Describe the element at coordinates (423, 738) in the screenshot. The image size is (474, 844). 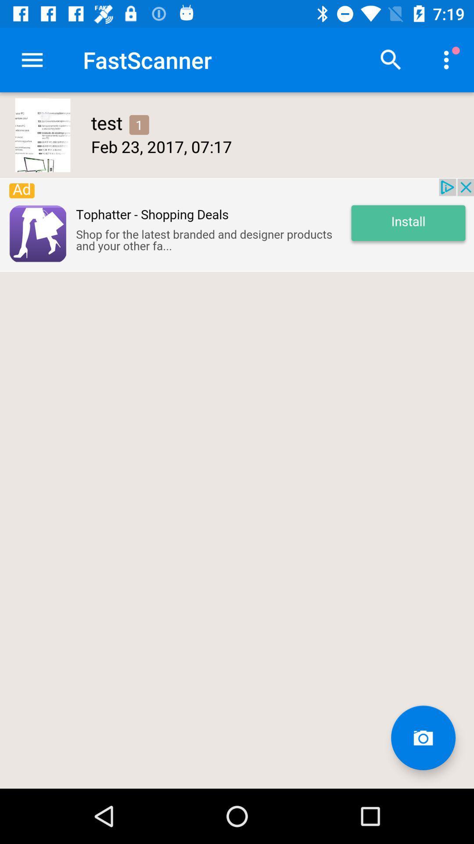
I see `the photo icon` at that location.